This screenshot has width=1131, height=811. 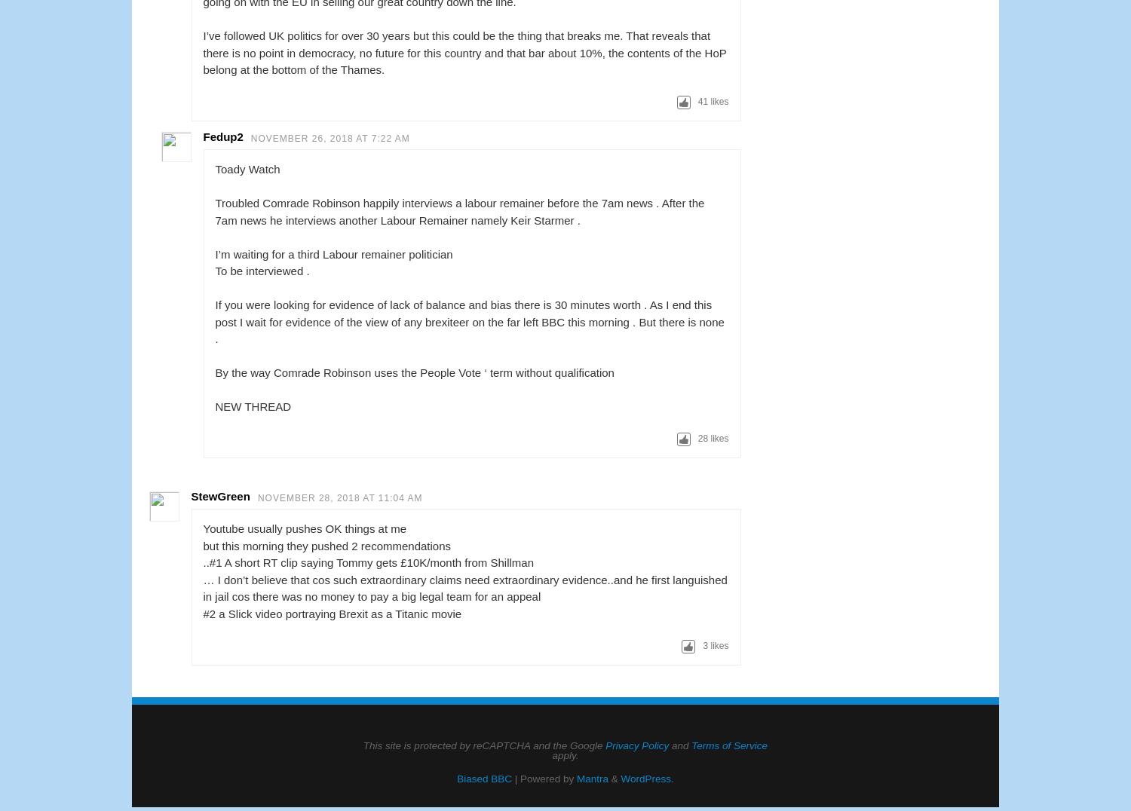 What do you see at coordinates (613, 779) in the screenshot?
I see `'&'` at bounding box center [613, 779].